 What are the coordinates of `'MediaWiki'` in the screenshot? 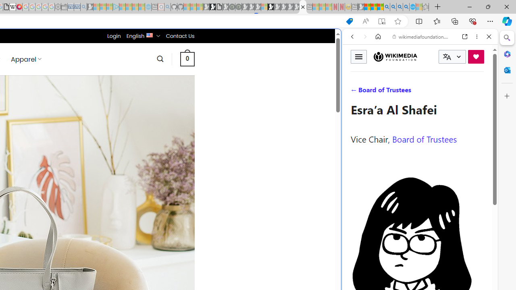 It's located at (19, 7).